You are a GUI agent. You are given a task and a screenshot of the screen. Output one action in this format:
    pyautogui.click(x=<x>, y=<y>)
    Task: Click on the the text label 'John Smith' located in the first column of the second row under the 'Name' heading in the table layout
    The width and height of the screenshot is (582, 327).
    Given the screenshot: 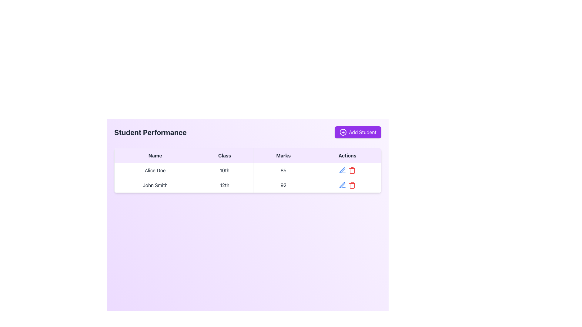 What is the action you would take?
    pyautogui.click(x=155, y=185)
    